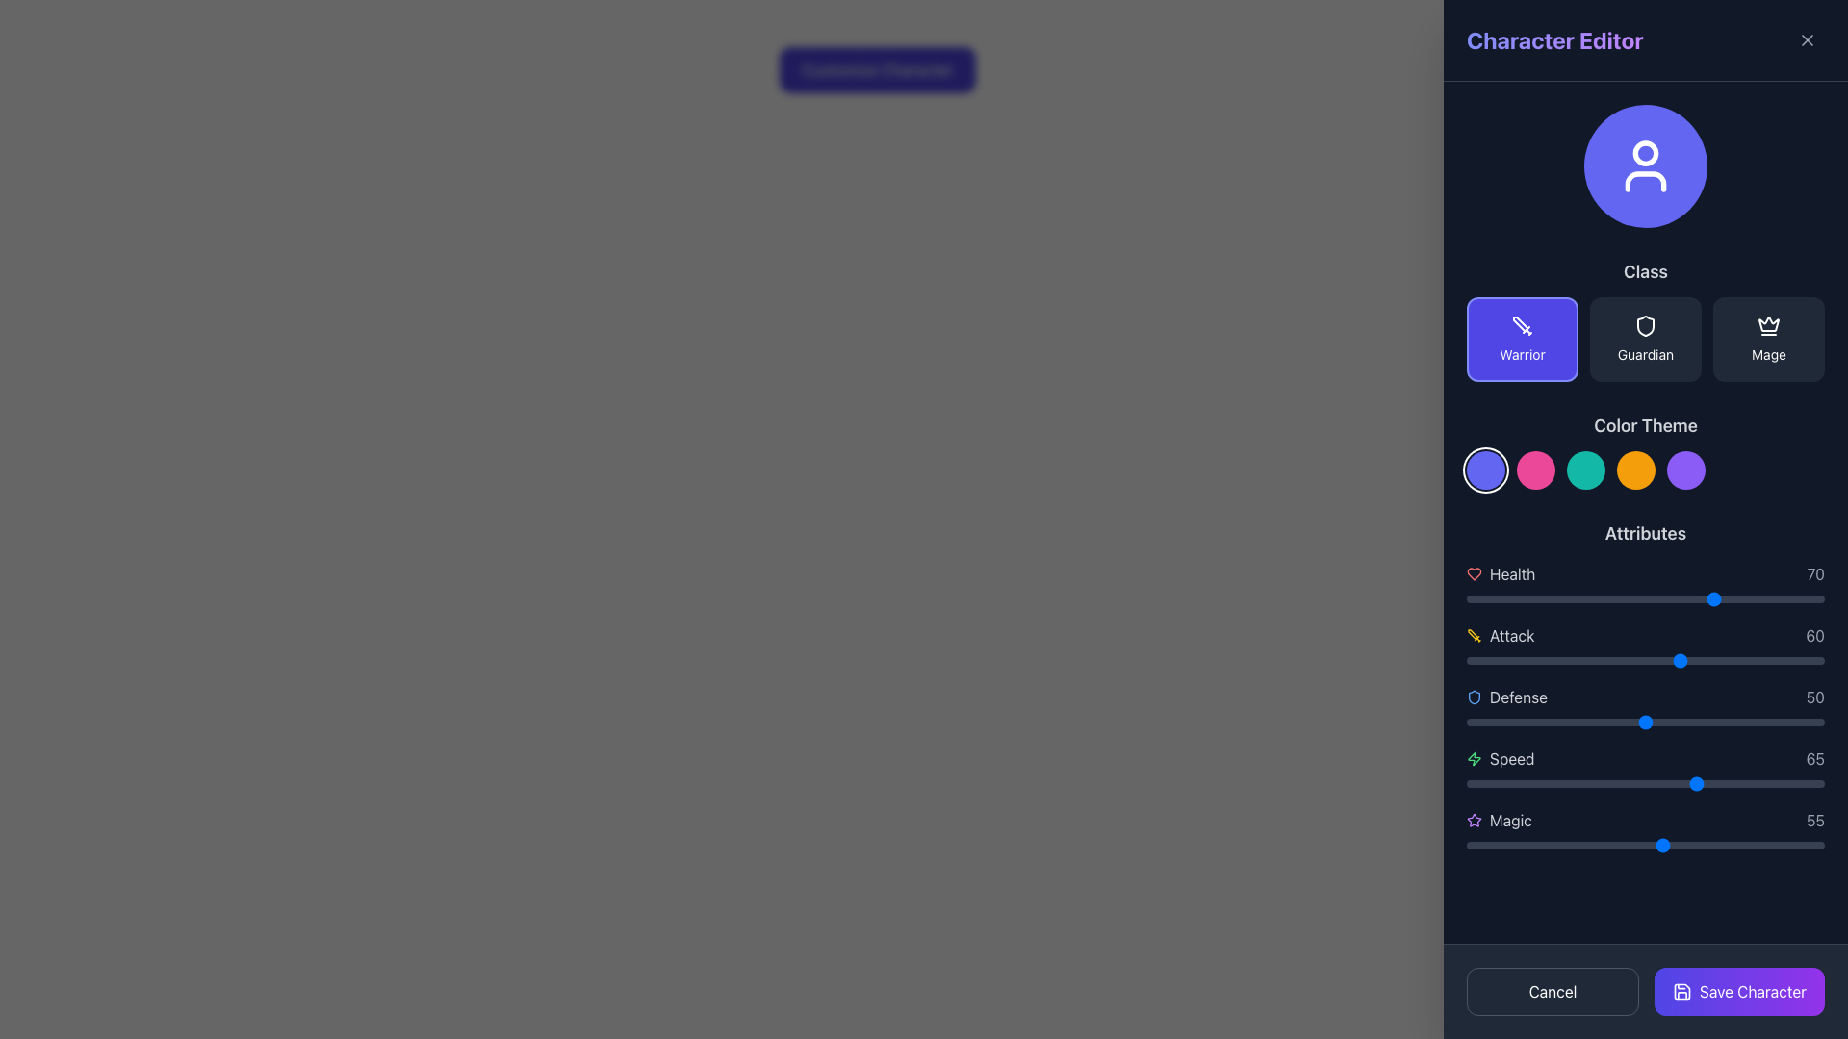  Describe the element at coordinates (1644, 534) in the screenshot. I see `the text label that serves as the header for the attributes section in the sidebar panel under 'Color Theme.'` at that location.